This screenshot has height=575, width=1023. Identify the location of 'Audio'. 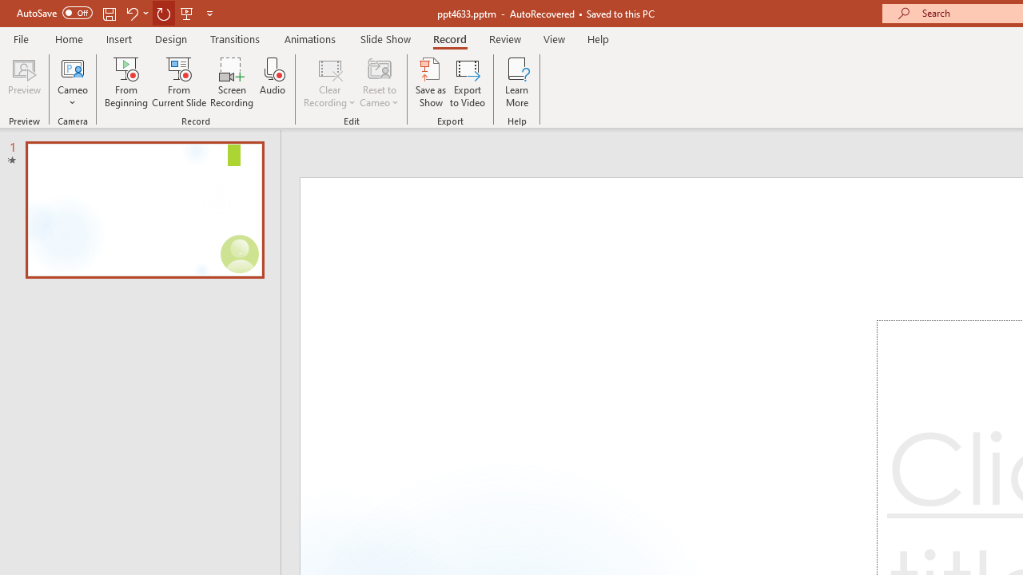
(273, 82).